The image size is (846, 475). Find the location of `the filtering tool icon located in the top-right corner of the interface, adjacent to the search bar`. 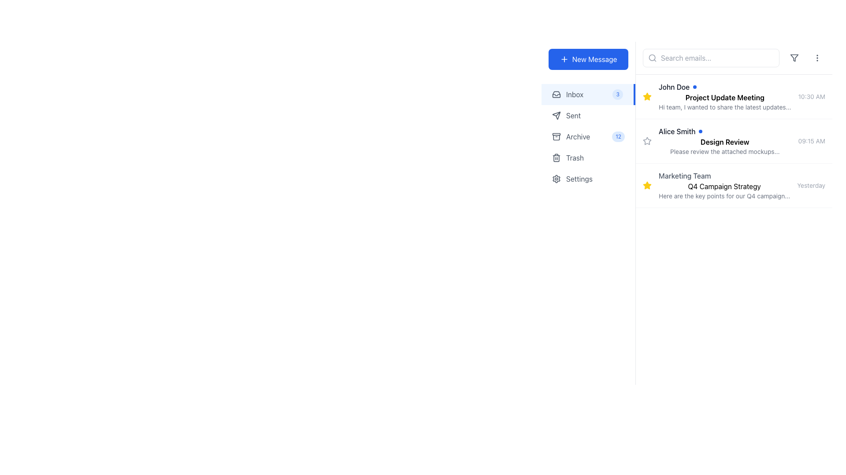

the filtering tool icon located in the top-right corner of the interface, adjacent to the search bar is located at coordinates (794, 58).